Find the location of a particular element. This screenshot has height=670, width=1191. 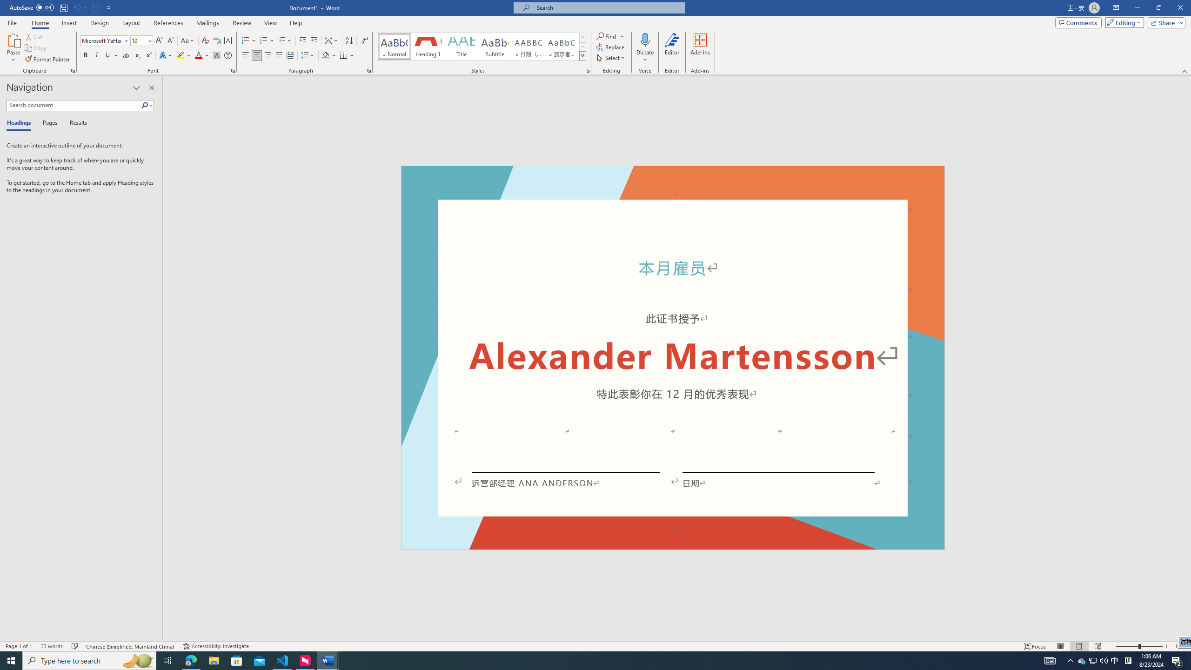

'Decorative' is located at coordinates (673, 358).